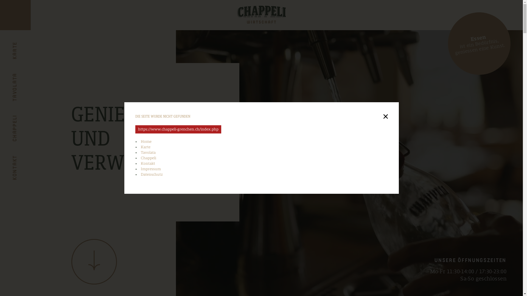  Describe the element at coordinates (23, 160) in the screenshot. I see `'KONTAKT'` at that location.